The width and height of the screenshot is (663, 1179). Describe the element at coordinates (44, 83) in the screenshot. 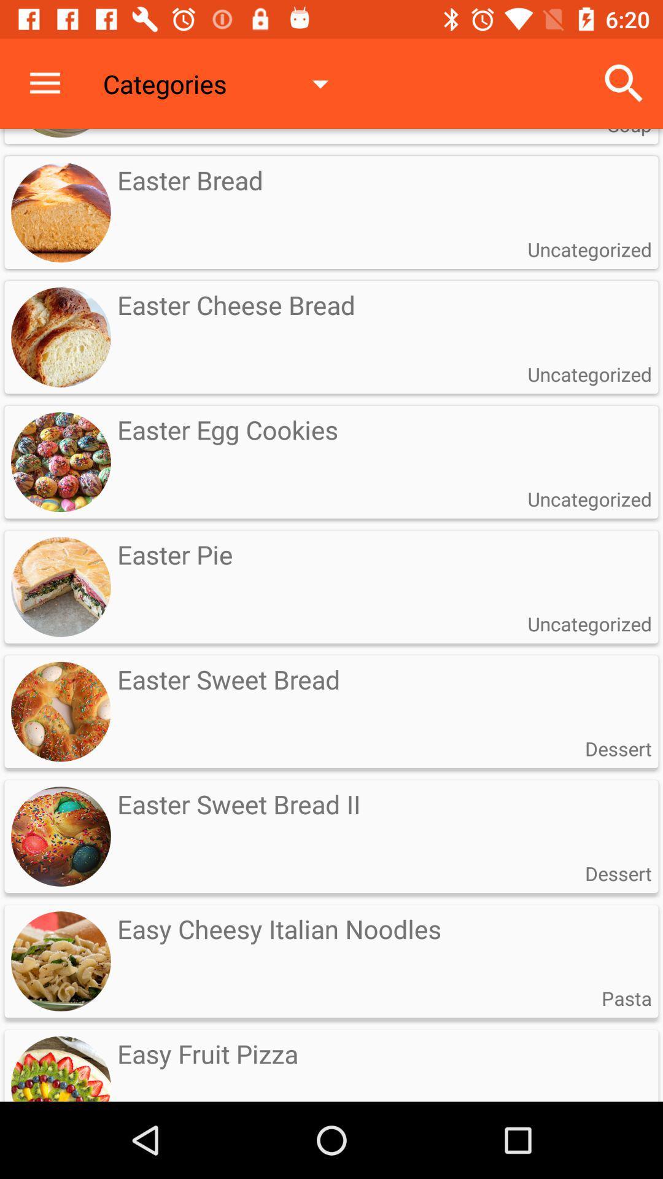

I see `the icon next to the categories` at that location.